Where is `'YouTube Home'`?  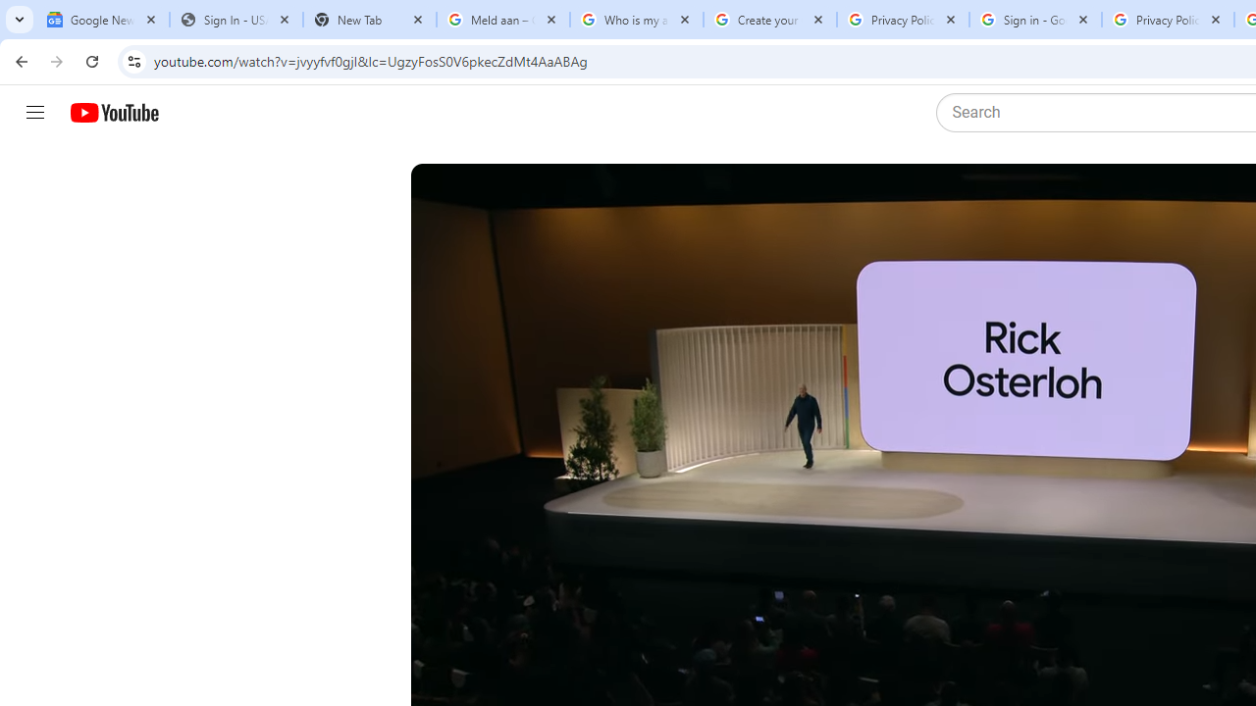
'YouTube Home' is located at coordinates (113, 113).